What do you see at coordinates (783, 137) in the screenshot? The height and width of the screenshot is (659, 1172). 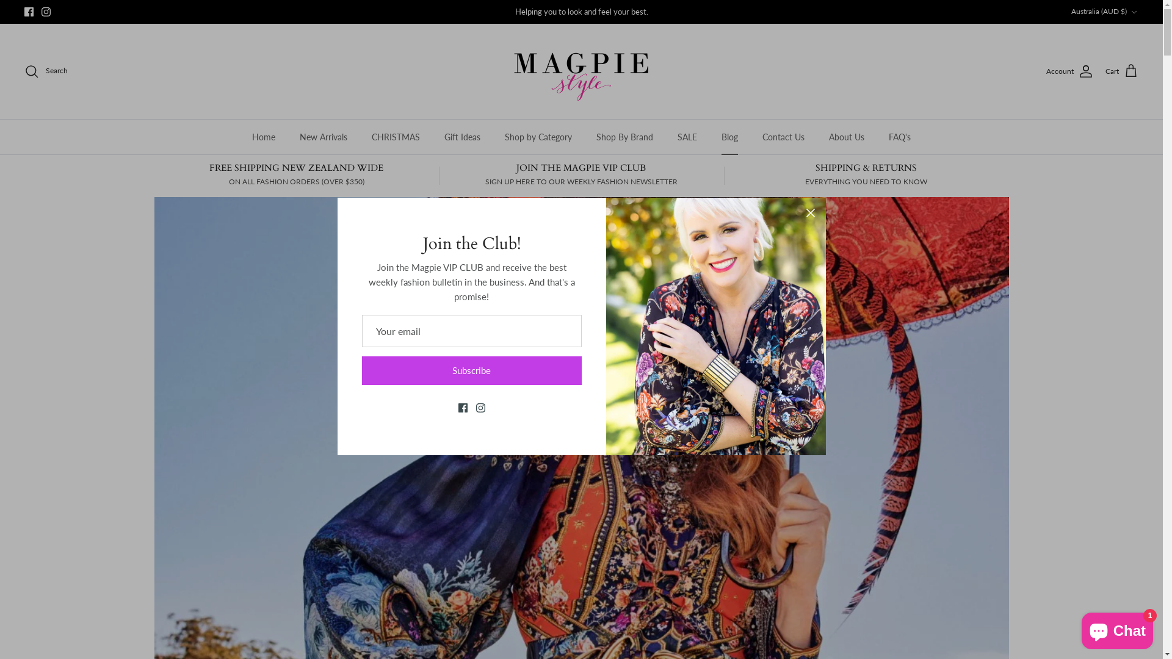 I see `'Contact Us'` at bounding box center [783, 137].